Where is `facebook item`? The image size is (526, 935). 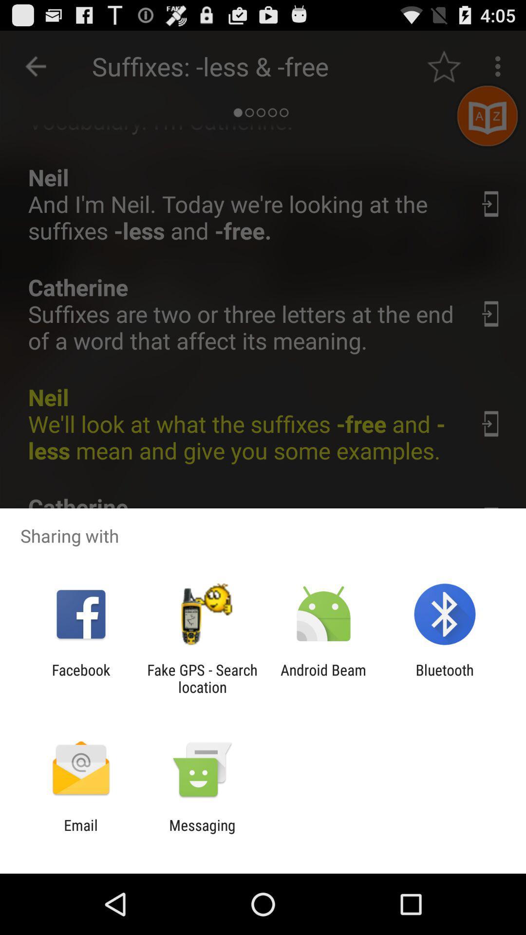
facebook item is located at coordinates (80, 678).